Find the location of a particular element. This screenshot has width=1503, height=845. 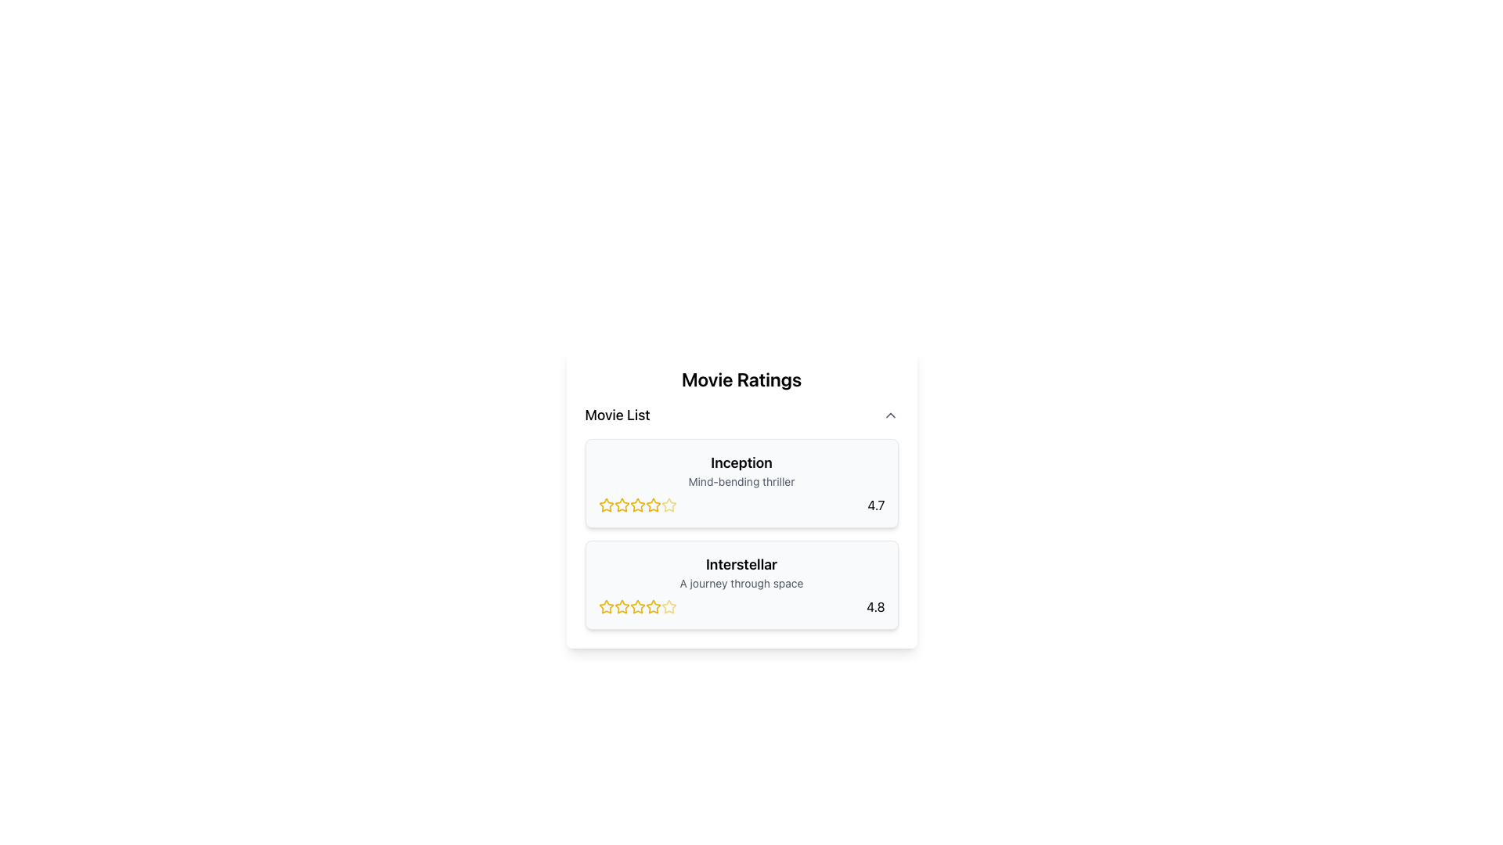

the fourth star icon representing the rating for the movie 'Interstellar', located beneath the movie title and to the left of the numeric rating '4.8' is located at coordinates (653, 606).